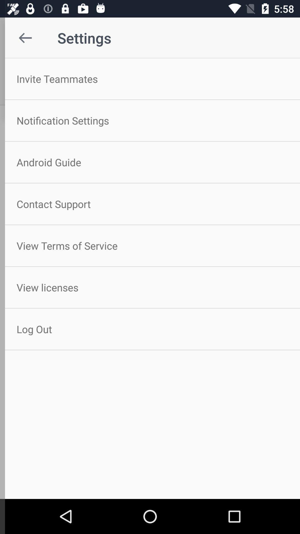  What do you see at coordinates (150, 162) in the screenshot?
I see `android guide item` at bounding box center [150, 162].